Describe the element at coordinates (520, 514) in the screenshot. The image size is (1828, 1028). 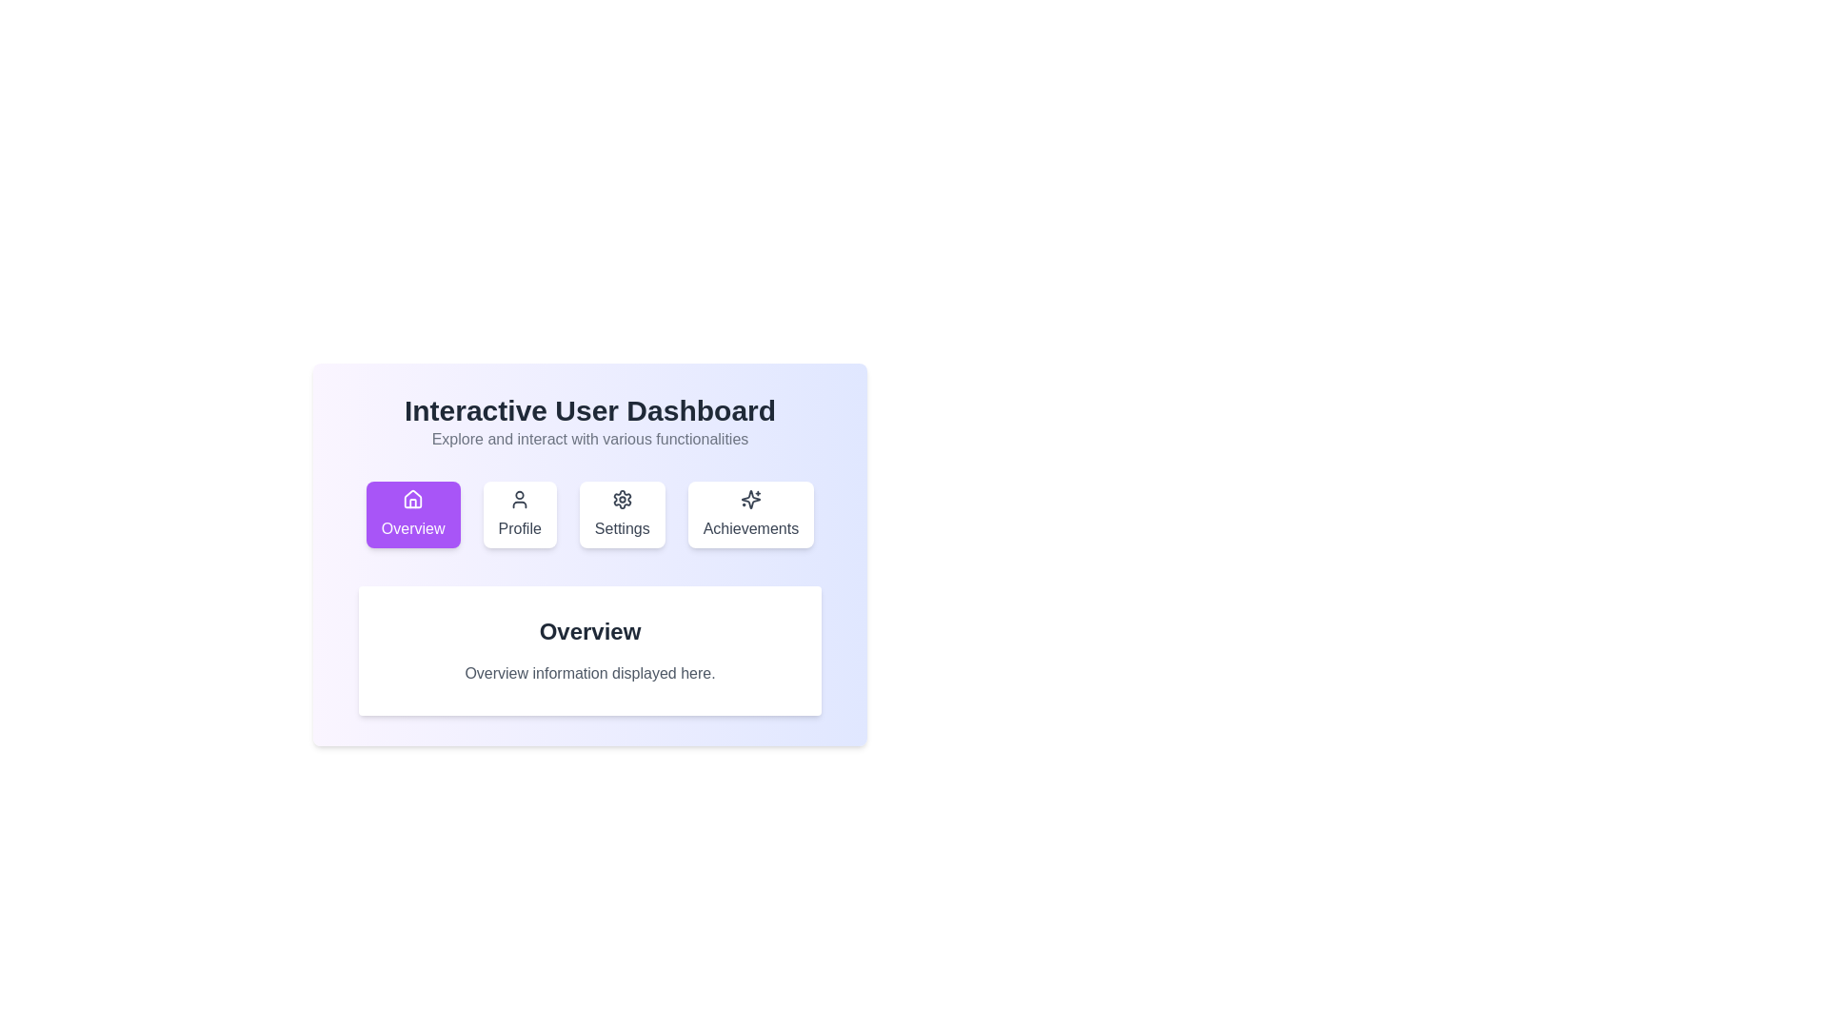
I see `the second button in a group of four buttons` at that location.